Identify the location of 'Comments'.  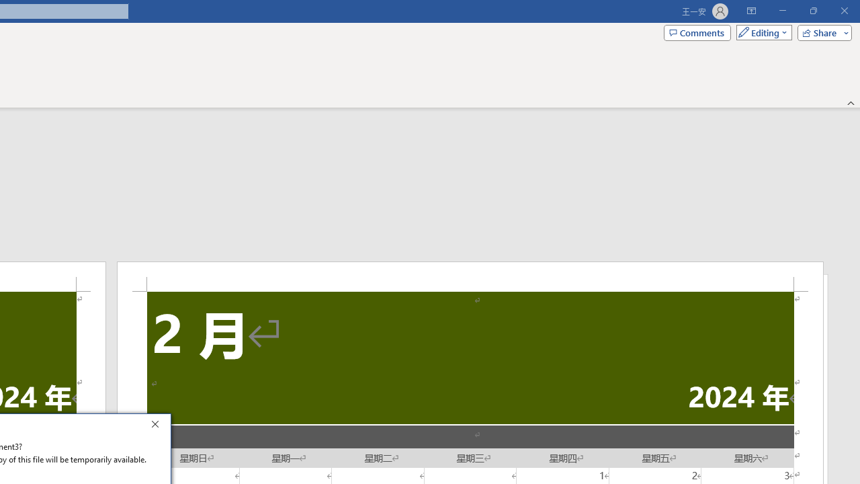
(697, 32).